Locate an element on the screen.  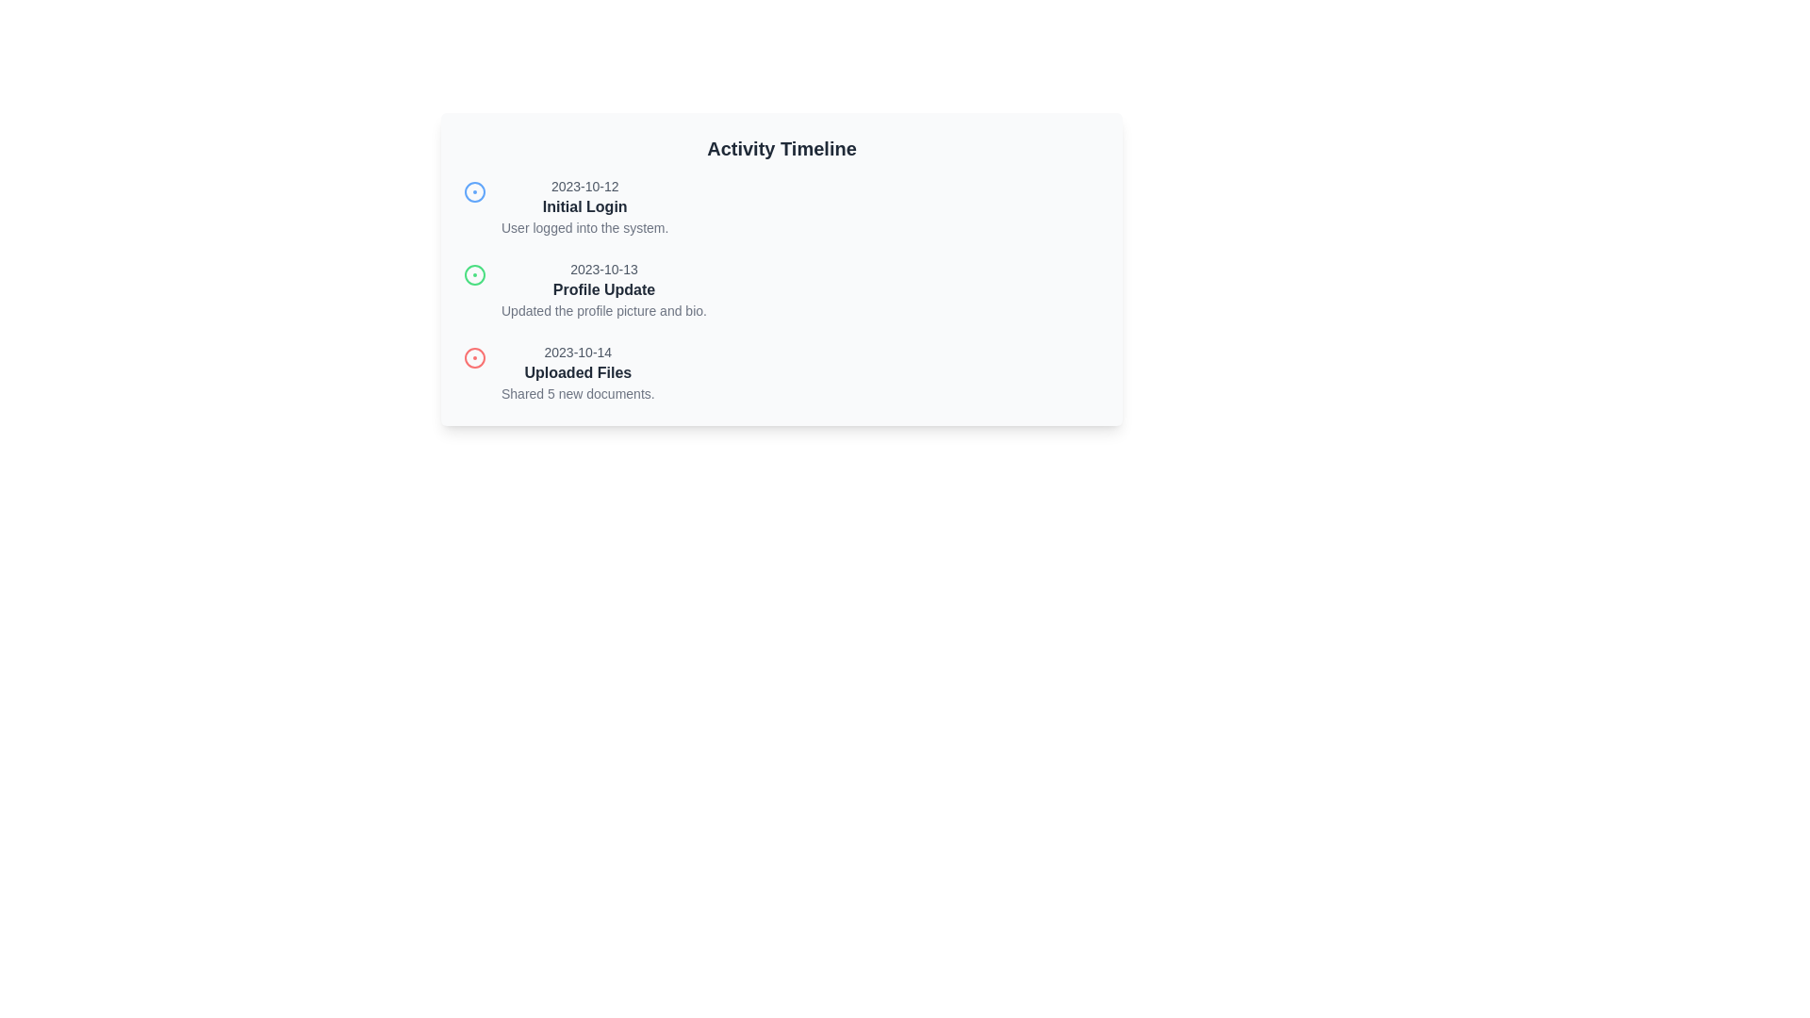
the List entry containing multiline textual information, which shows the date '2023-10-14', 'Uploaded Files', and 'Shared 5 new documents.' is located at coordinates (577, 373).